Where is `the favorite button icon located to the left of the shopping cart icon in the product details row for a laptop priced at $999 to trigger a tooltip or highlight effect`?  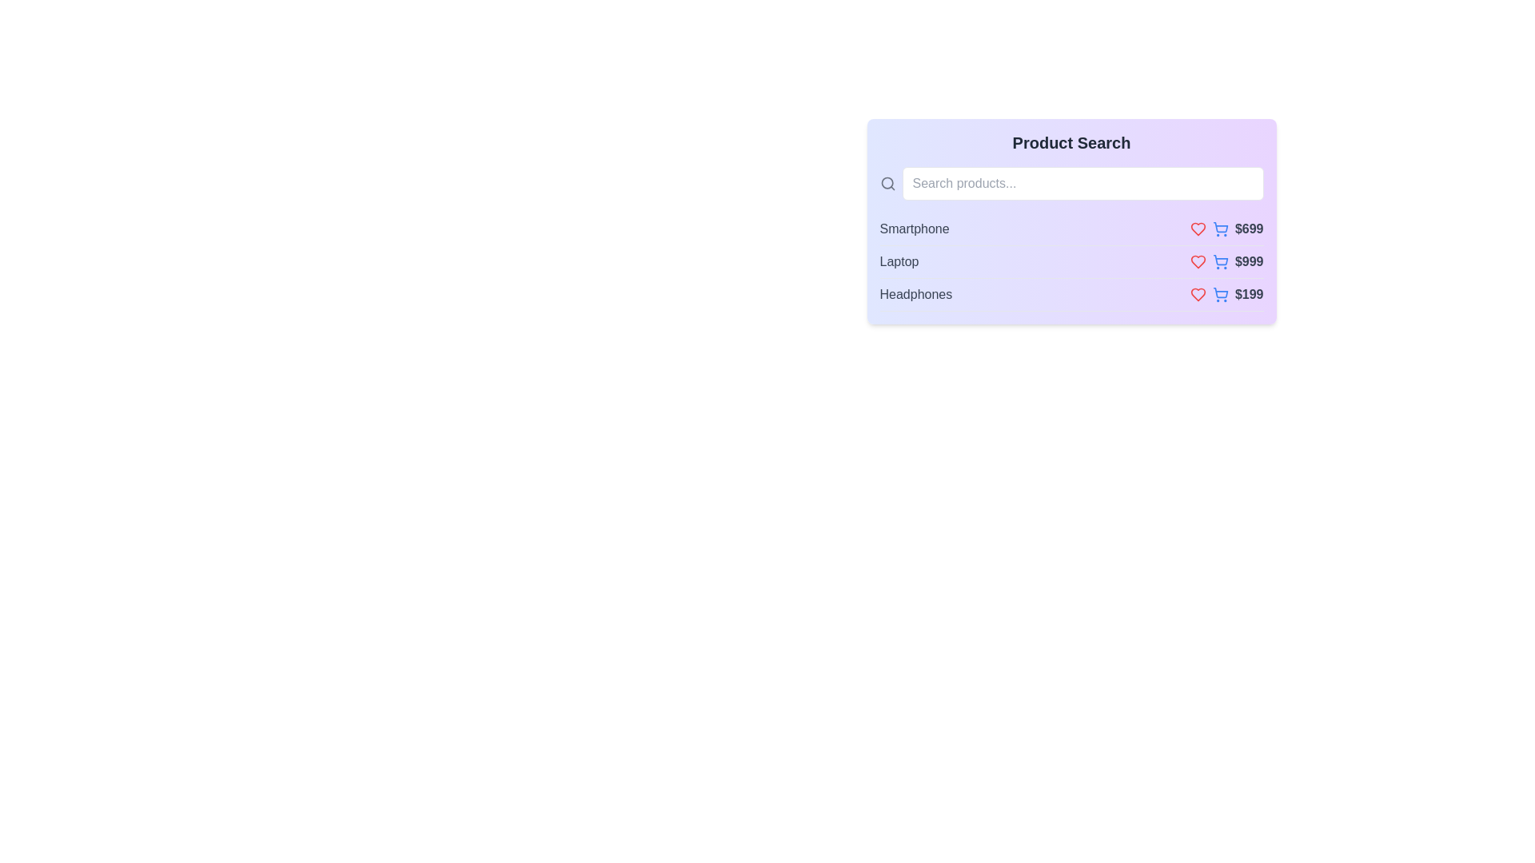 the favorite button icon located to the left of the shopping cart icon in the product details row for a laptop priced at $999 to trigger a tooltip or highlight effect is located at coordinates (1198, 260).